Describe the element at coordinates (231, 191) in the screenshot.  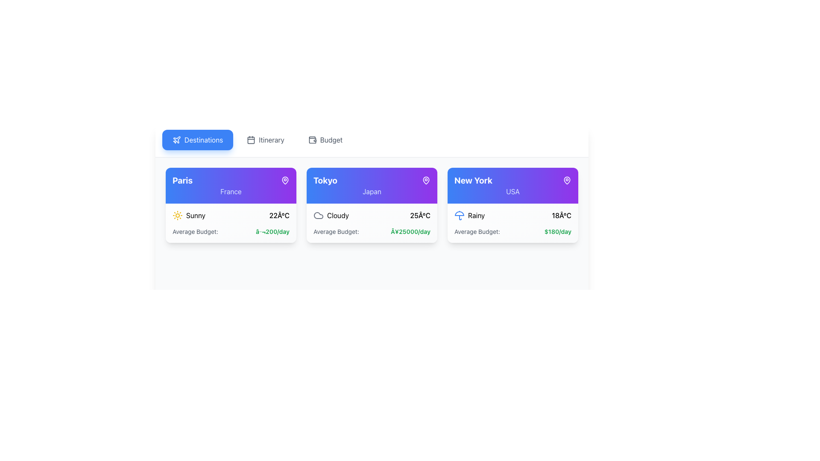
I see `the static text label reading 'France', which is styled with a light blue font color and located beneath the title 'Paris' on a gradient background` at that location.